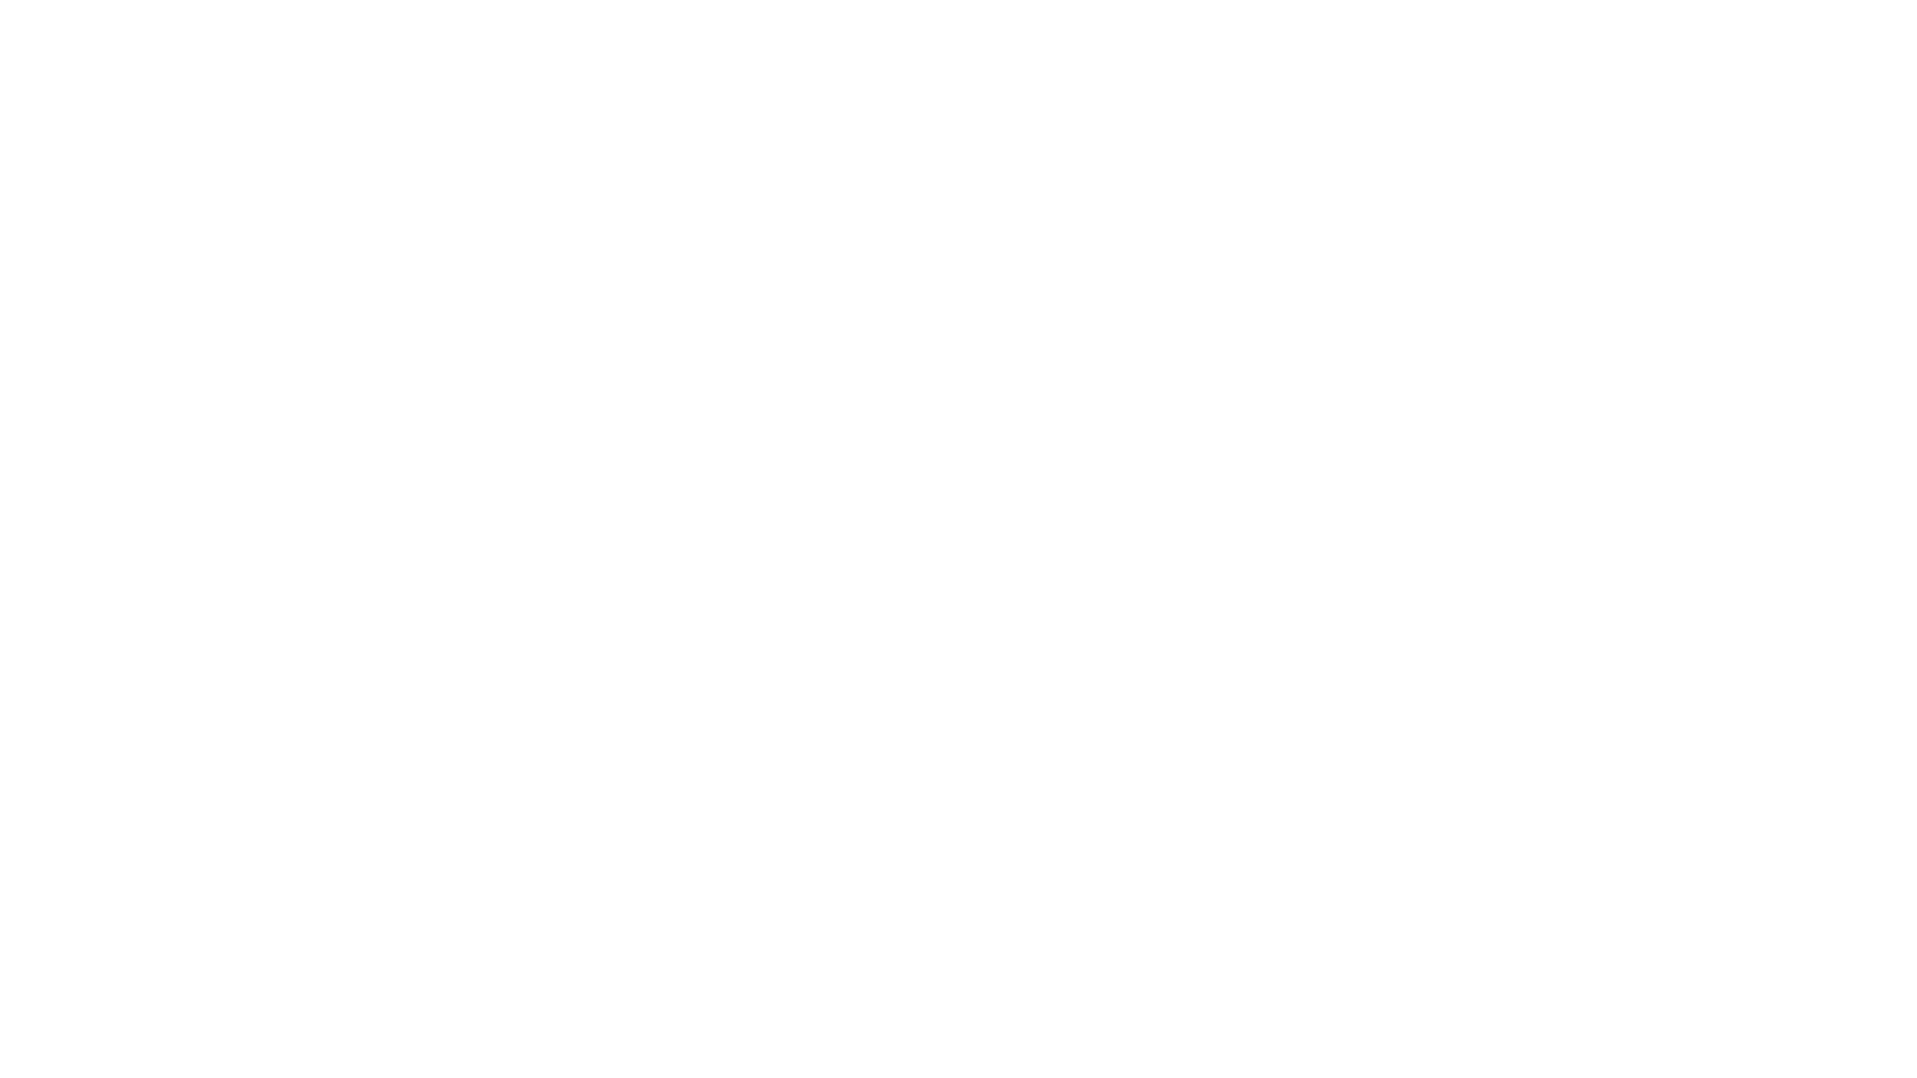 The width and height of the screenshot is (1917, 1078). I want to click on Log in, so click(1218, 56).